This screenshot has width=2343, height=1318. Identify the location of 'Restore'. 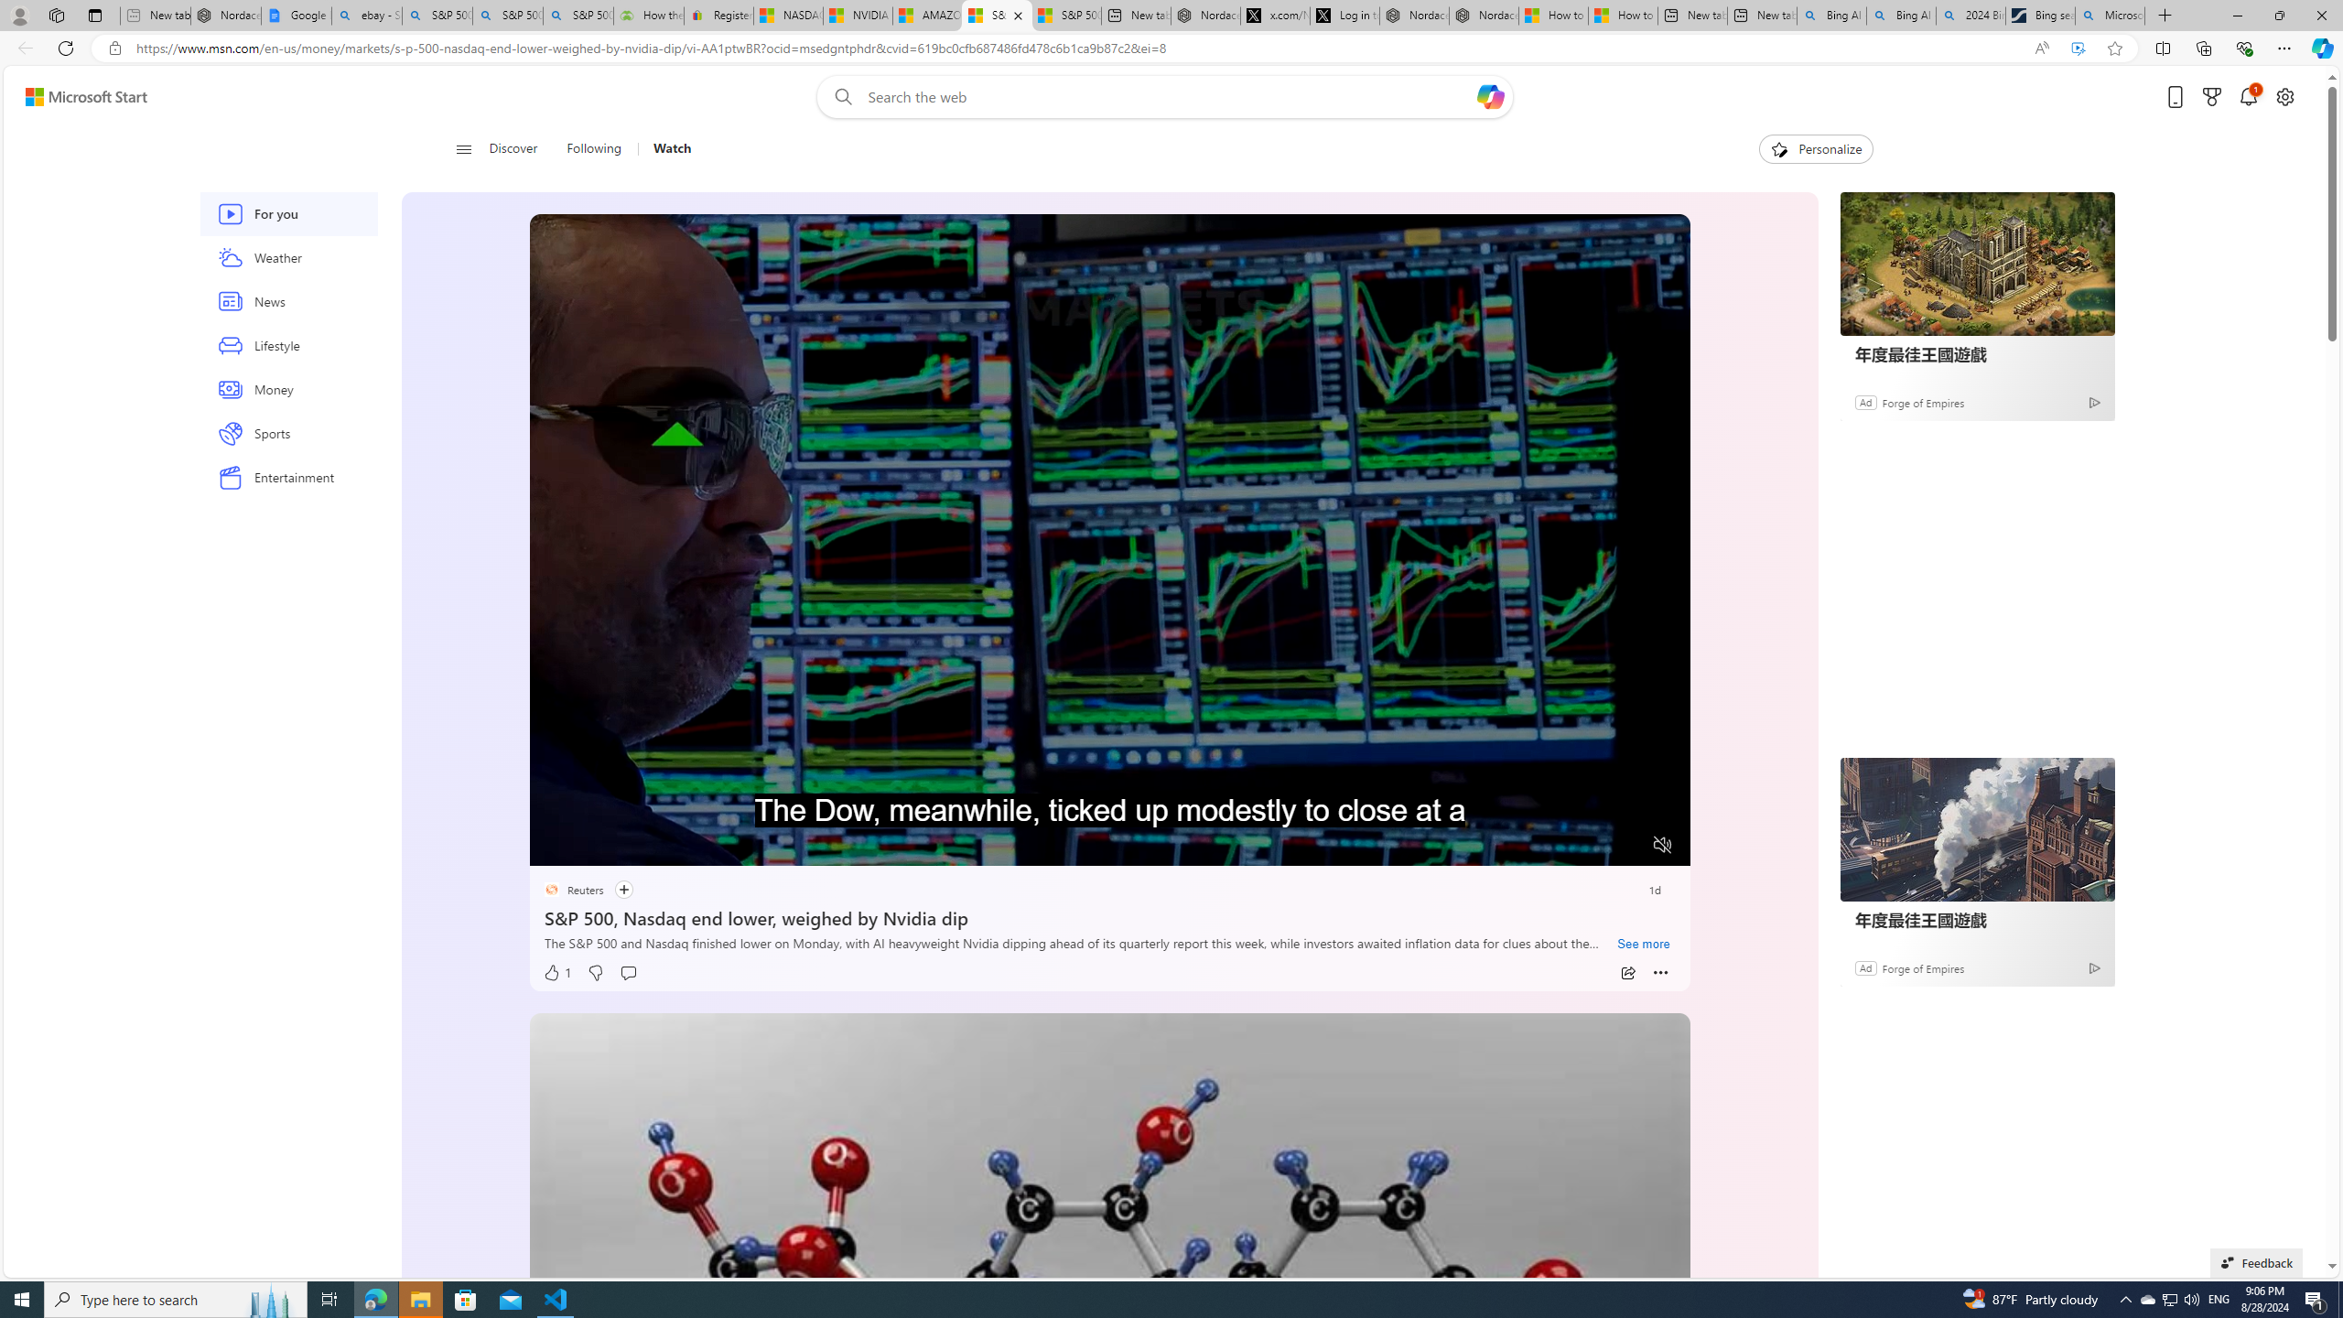
(2279, 15).